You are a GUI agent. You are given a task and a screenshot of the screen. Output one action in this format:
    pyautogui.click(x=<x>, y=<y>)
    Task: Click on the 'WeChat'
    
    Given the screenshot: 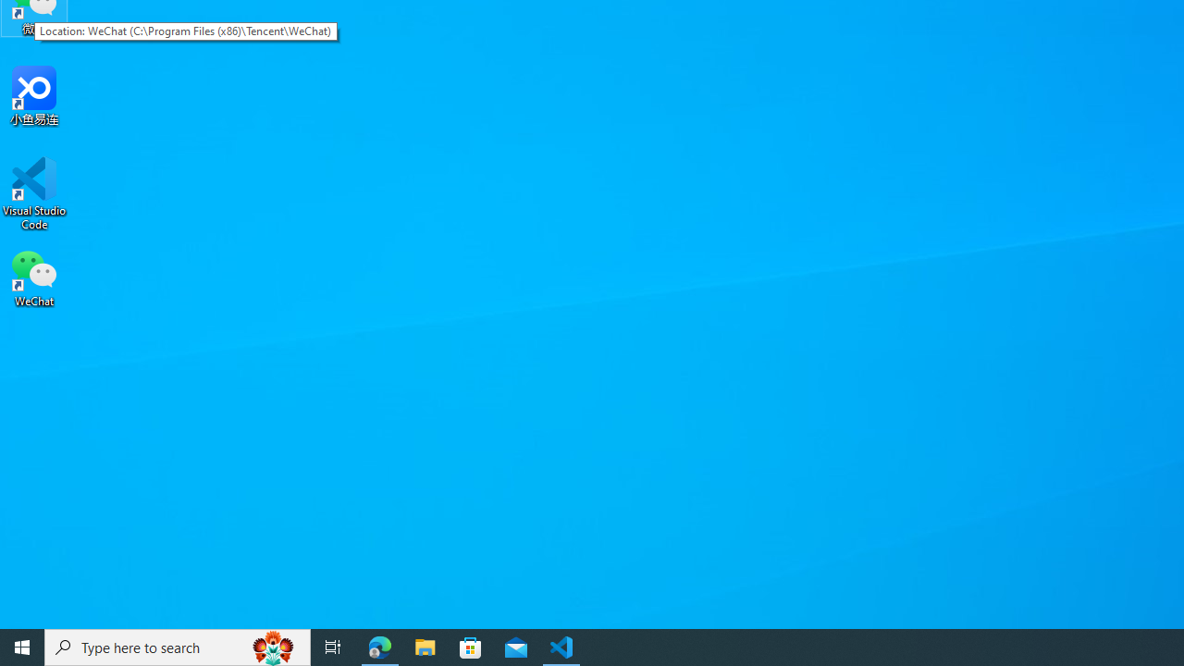 What is the action you would take?
    pyautogui.click(x=34, y=277)
    